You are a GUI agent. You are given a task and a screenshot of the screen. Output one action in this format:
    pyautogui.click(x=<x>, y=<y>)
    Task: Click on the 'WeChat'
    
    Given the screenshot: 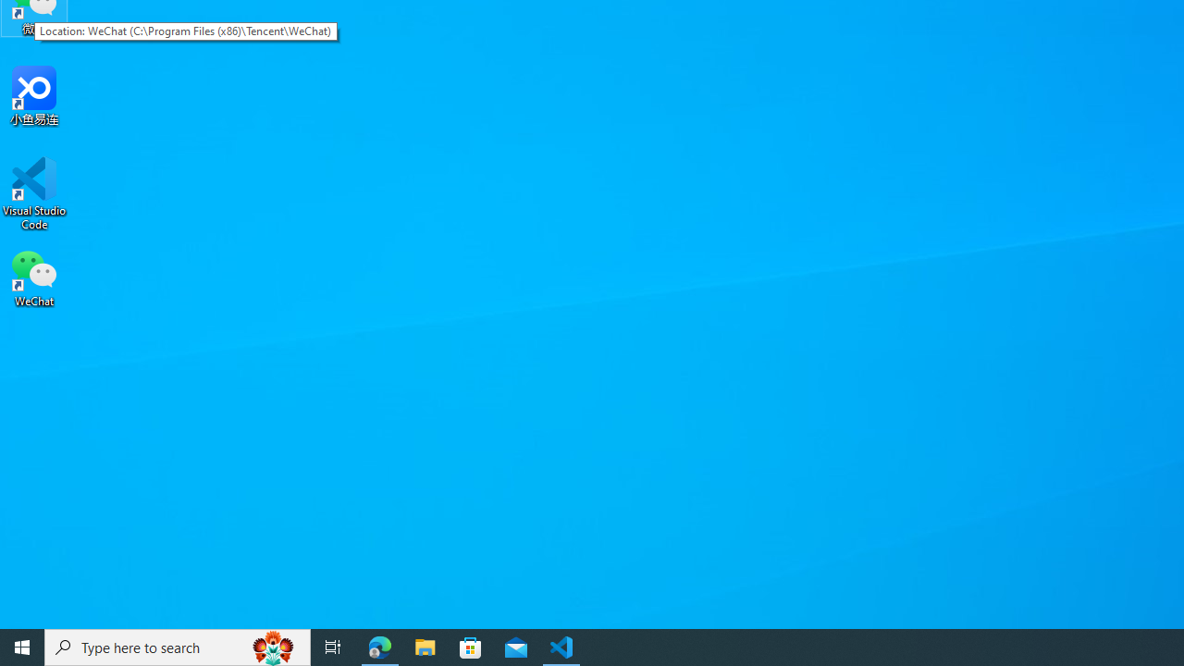 What is the action you would take?
    pyautogui.click(x=34, y=277)
    